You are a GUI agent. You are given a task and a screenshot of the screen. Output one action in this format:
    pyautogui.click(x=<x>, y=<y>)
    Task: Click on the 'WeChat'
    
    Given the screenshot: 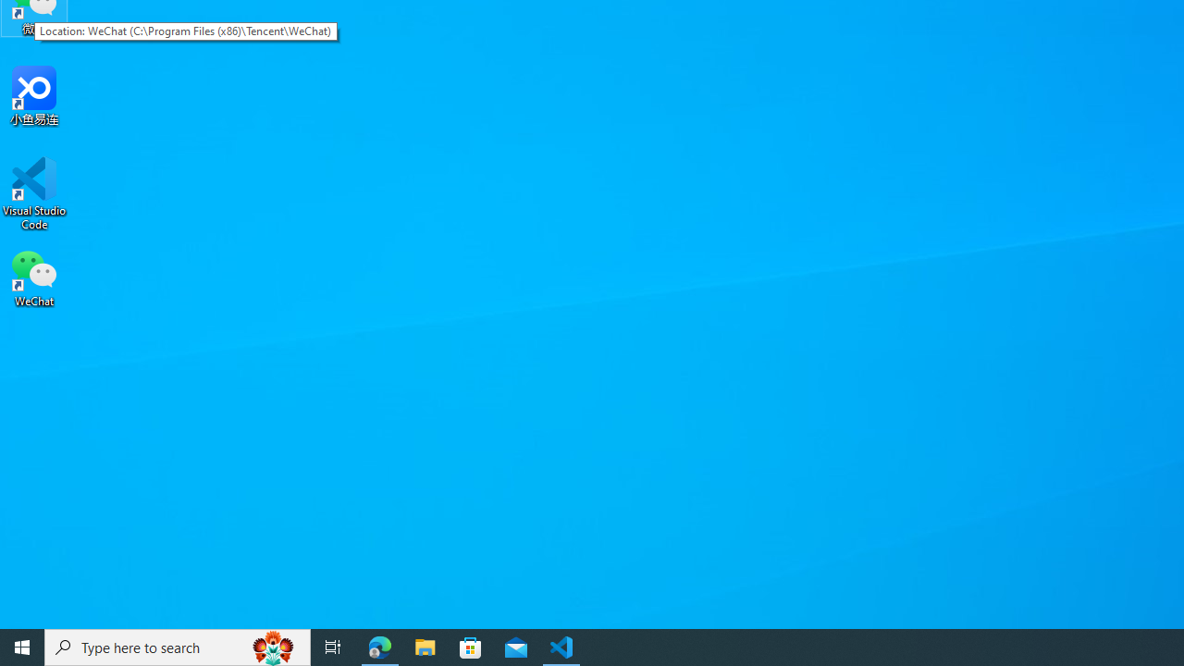 What is the action you would take?
    pyautogui.click(x=34, y=277)
    